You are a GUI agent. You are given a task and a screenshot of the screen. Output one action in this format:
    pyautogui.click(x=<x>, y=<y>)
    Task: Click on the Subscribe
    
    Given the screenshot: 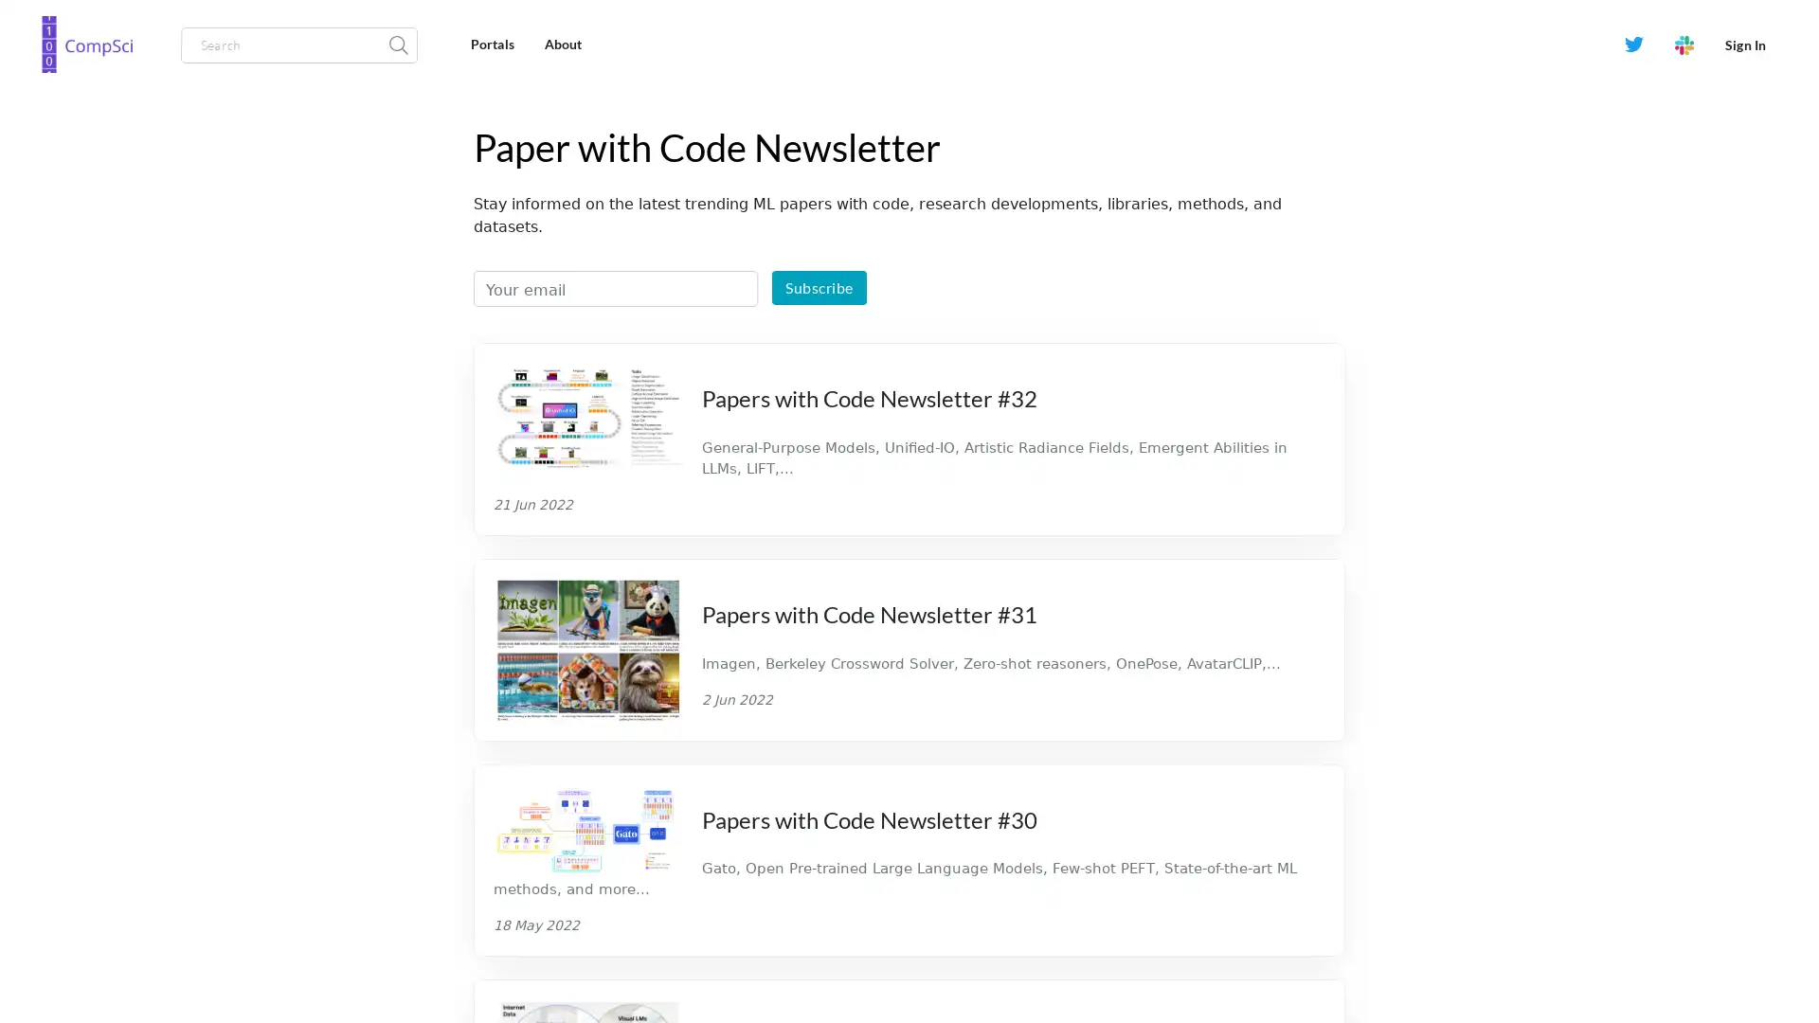 What is the action you would take?
    pyautogui.click(x=819, y=288)
    